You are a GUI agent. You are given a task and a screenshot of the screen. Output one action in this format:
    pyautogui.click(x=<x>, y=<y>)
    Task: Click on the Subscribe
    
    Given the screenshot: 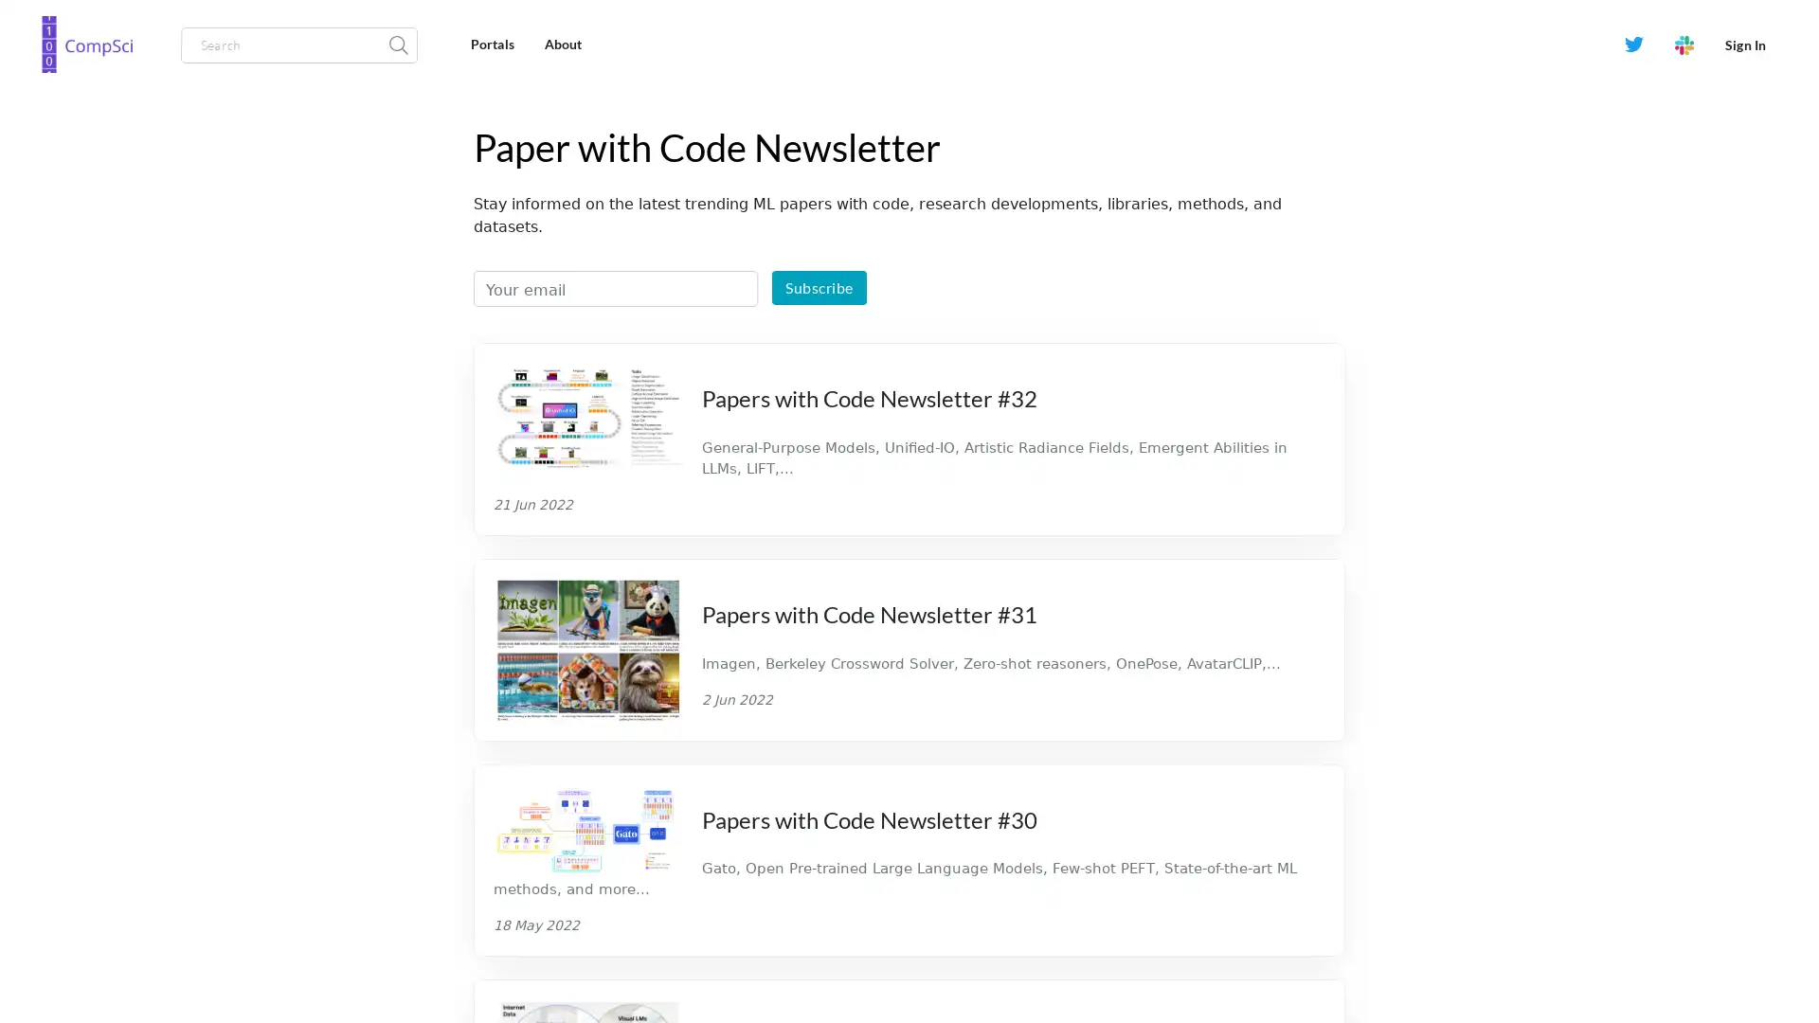 What is the action you would take?
    pyautogui.click(x=819, y=288)
    